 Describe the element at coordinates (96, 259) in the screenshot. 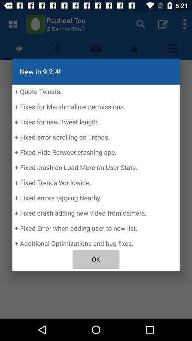

I see `ok item` at that location.